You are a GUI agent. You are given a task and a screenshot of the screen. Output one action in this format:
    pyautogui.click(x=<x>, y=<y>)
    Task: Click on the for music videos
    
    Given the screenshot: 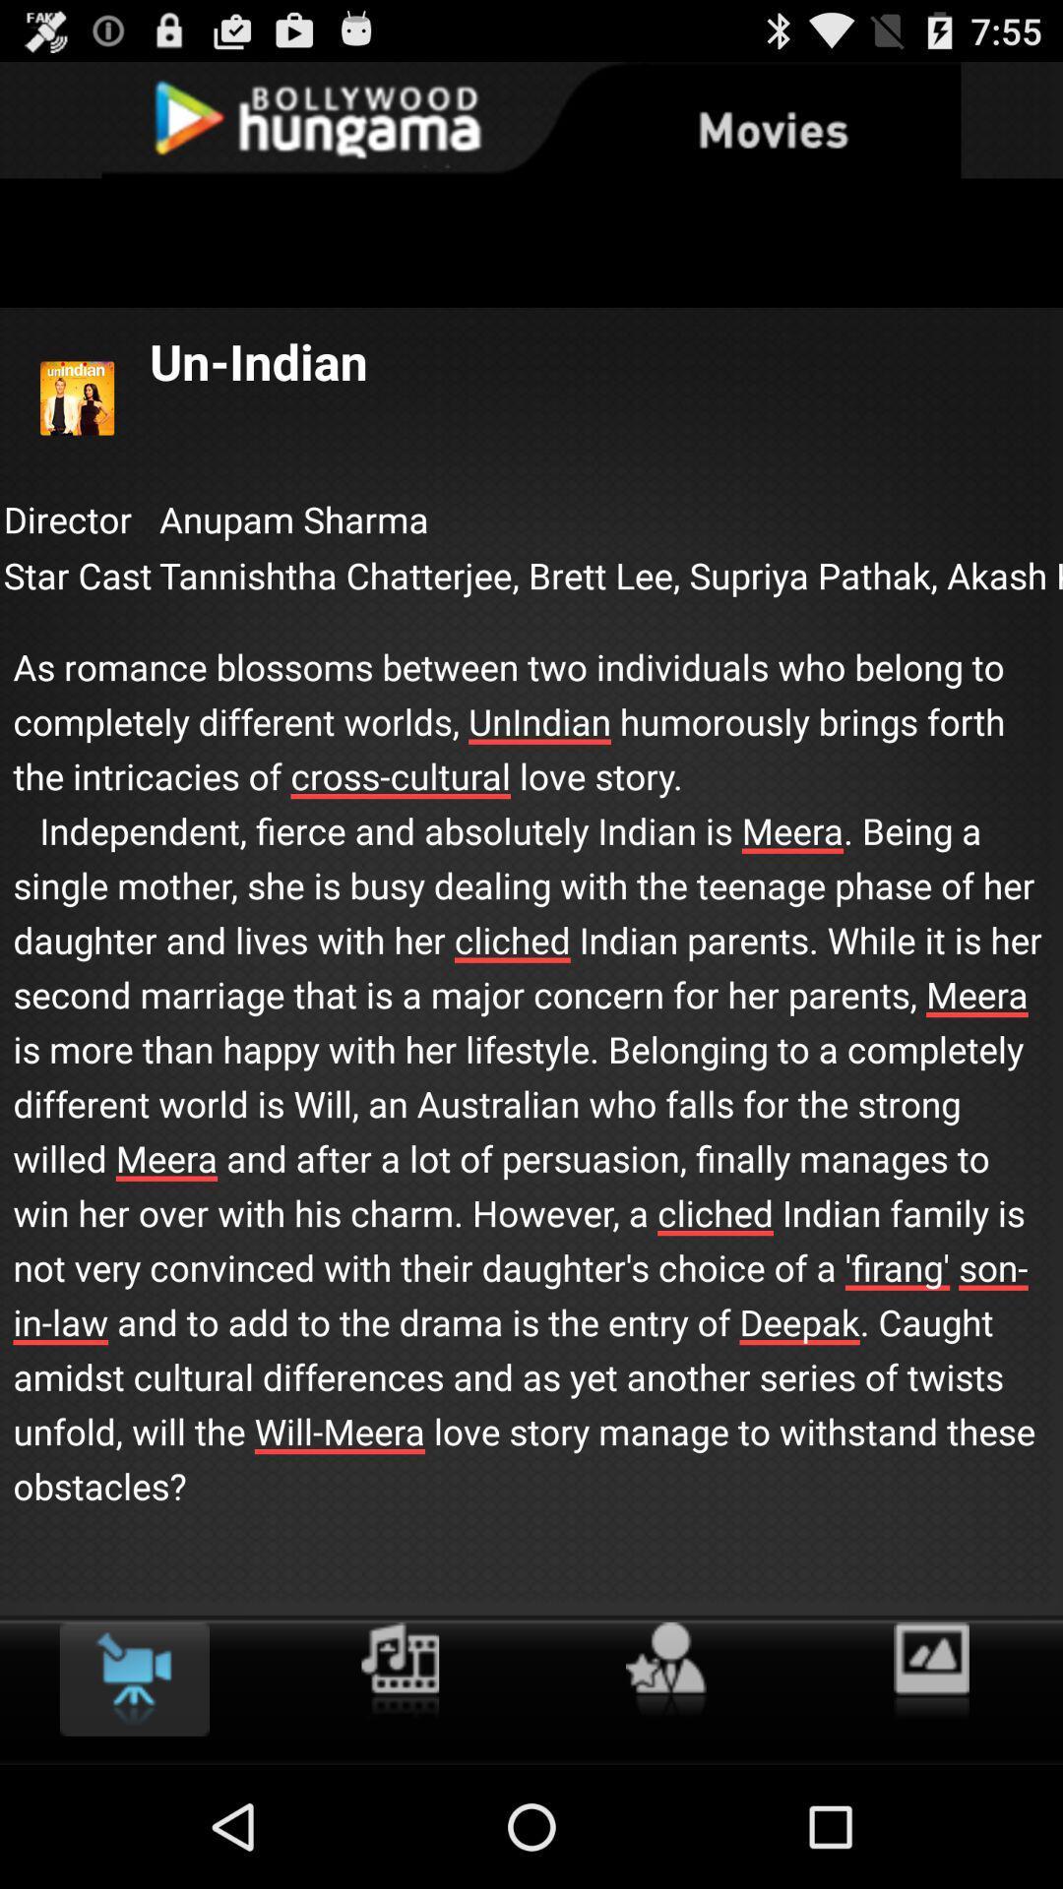 What is the action you would take?
    pyautogui.click(x=399, y=1670)
    